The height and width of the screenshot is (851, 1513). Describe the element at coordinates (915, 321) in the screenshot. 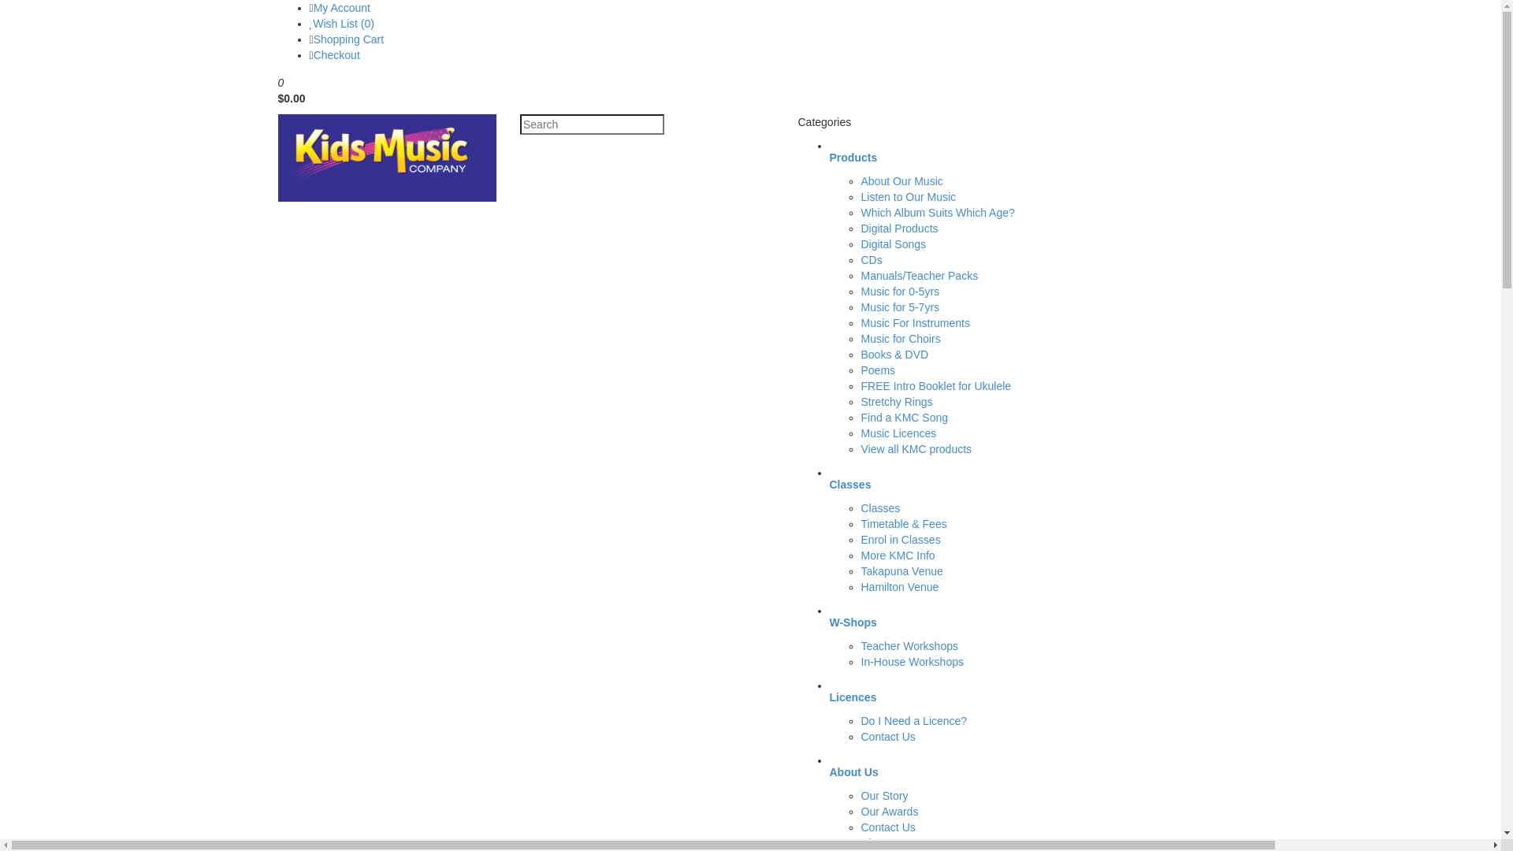

I see `'Music For Instruments'` at that location.